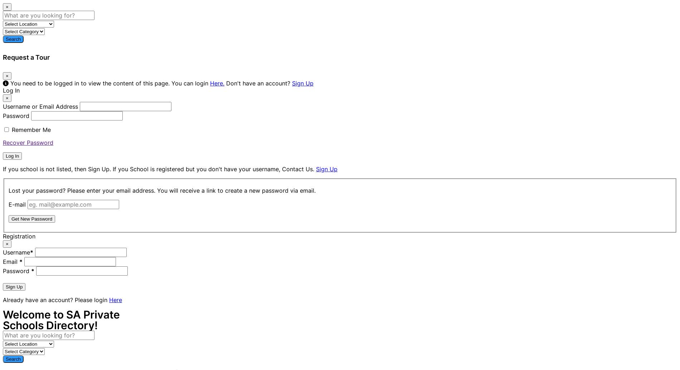 This screenshot has height=370, width=680. Describe the element at coordinates (224, 83) in the screenshot. I see `'Don't have an account?'` at that location.